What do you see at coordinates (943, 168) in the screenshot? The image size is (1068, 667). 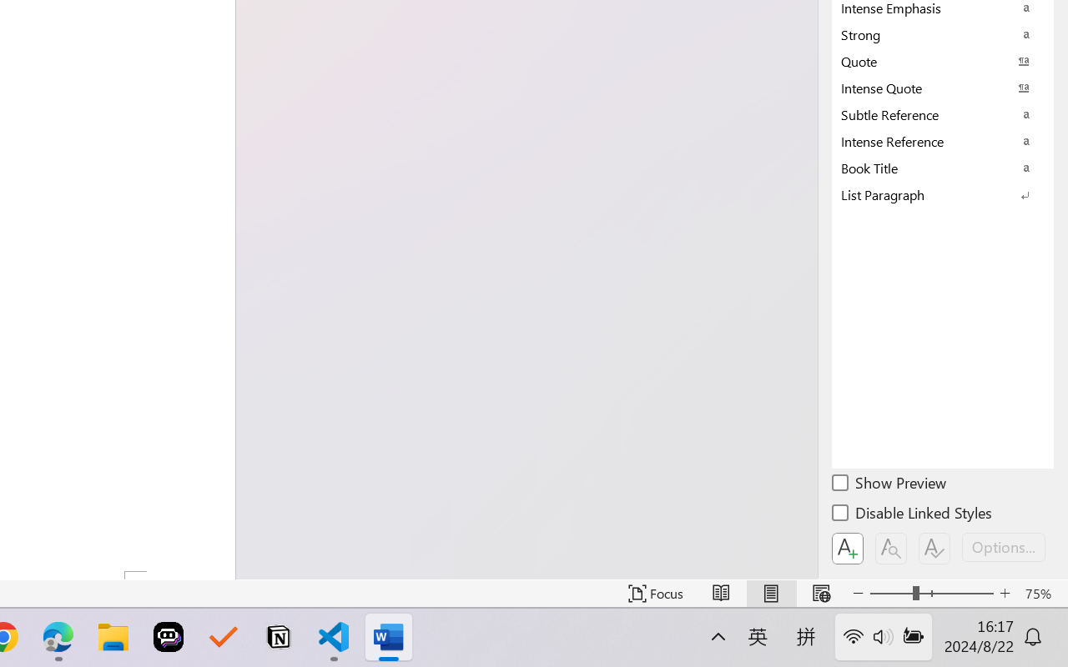 I see `'Book Title'` at bounding box center [943, 168].